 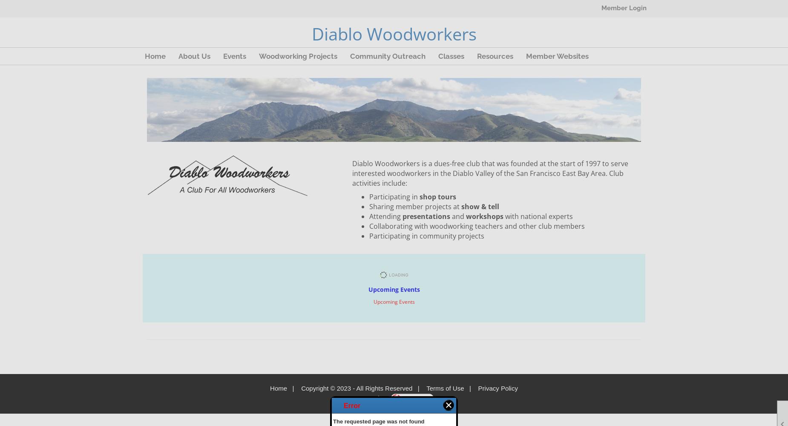 I want to click on 'with national experts', so click(x=505, y=216).